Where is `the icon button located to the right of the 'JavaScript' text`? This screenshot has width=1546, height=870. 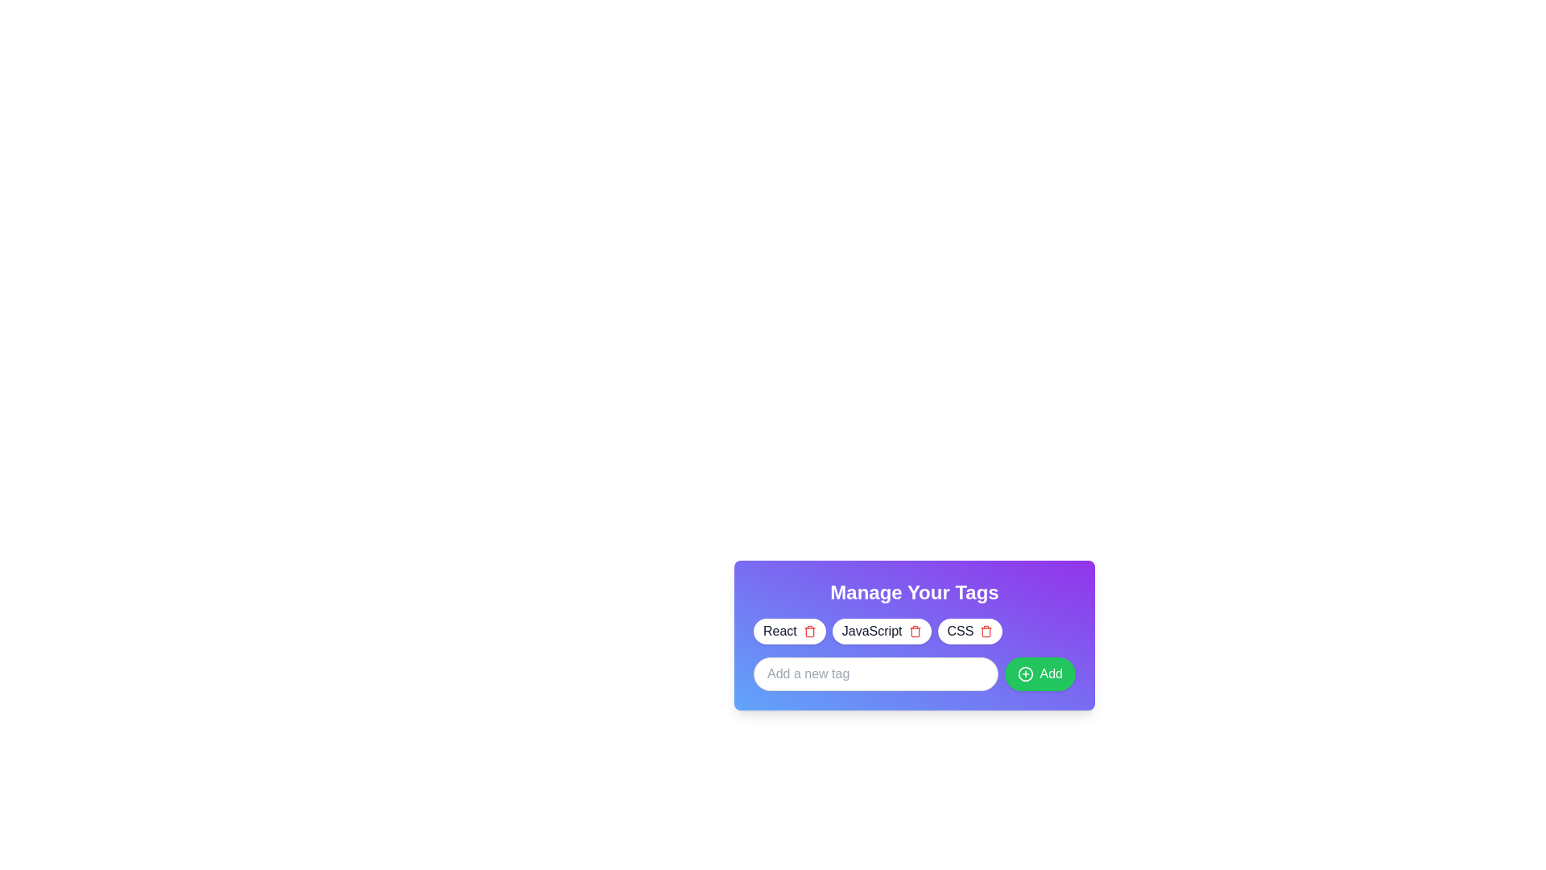 the icon button located to the right of the 'JavaScript' text is located at coordinates (915, 630).